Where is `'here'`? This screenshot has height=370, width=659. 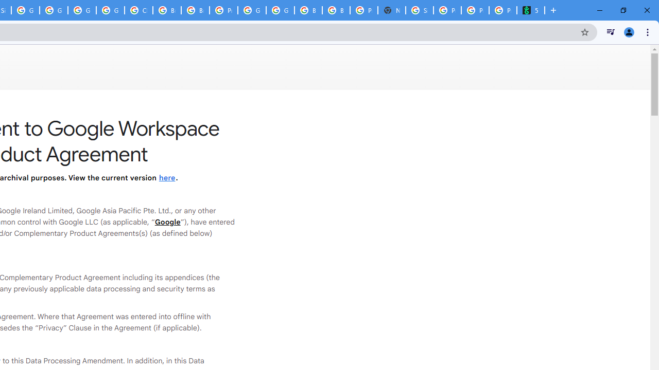 'here' is located at coordinates (167, 177).